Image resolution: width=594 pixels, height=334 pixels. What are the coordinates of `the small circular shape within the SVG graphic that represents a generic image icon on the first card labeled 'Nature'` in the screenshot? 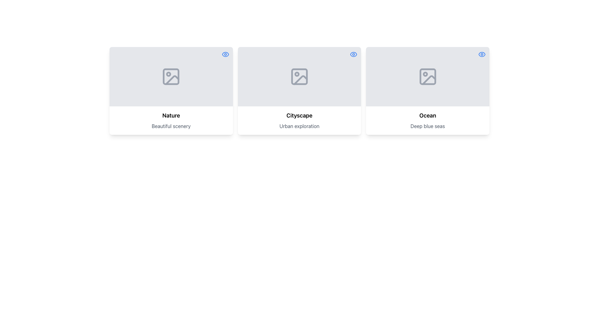 It's located at (169, 74).